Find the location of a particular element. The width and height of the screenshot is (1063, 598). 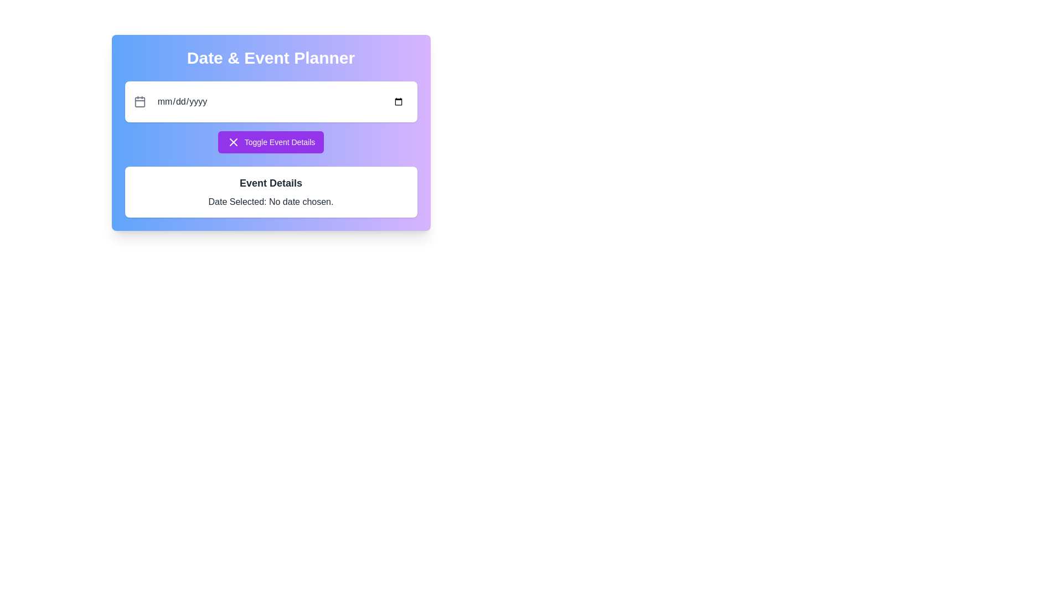

the text label displaying the current date selection status, located in the 'Event Details' section below the 'Date & Event Planner' panel is located at coordinates (271, 202).